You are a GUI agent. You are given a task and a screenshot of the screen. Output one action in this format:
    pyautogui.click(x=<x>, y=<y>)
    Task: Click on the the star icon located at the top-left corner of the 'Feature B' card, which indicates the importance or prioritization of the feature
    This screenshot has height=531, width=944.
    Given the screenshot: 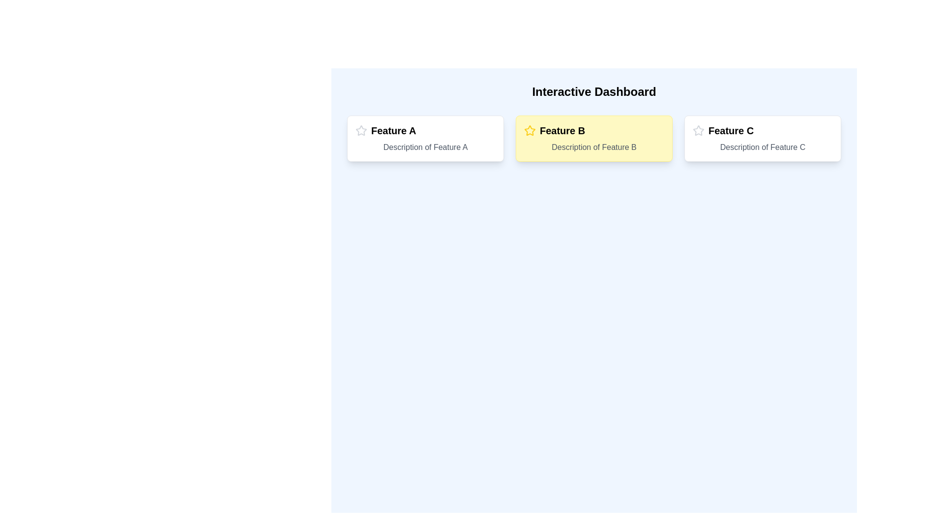 What is the action you would take?
    pyautogui.click(x=530, y=130)
    